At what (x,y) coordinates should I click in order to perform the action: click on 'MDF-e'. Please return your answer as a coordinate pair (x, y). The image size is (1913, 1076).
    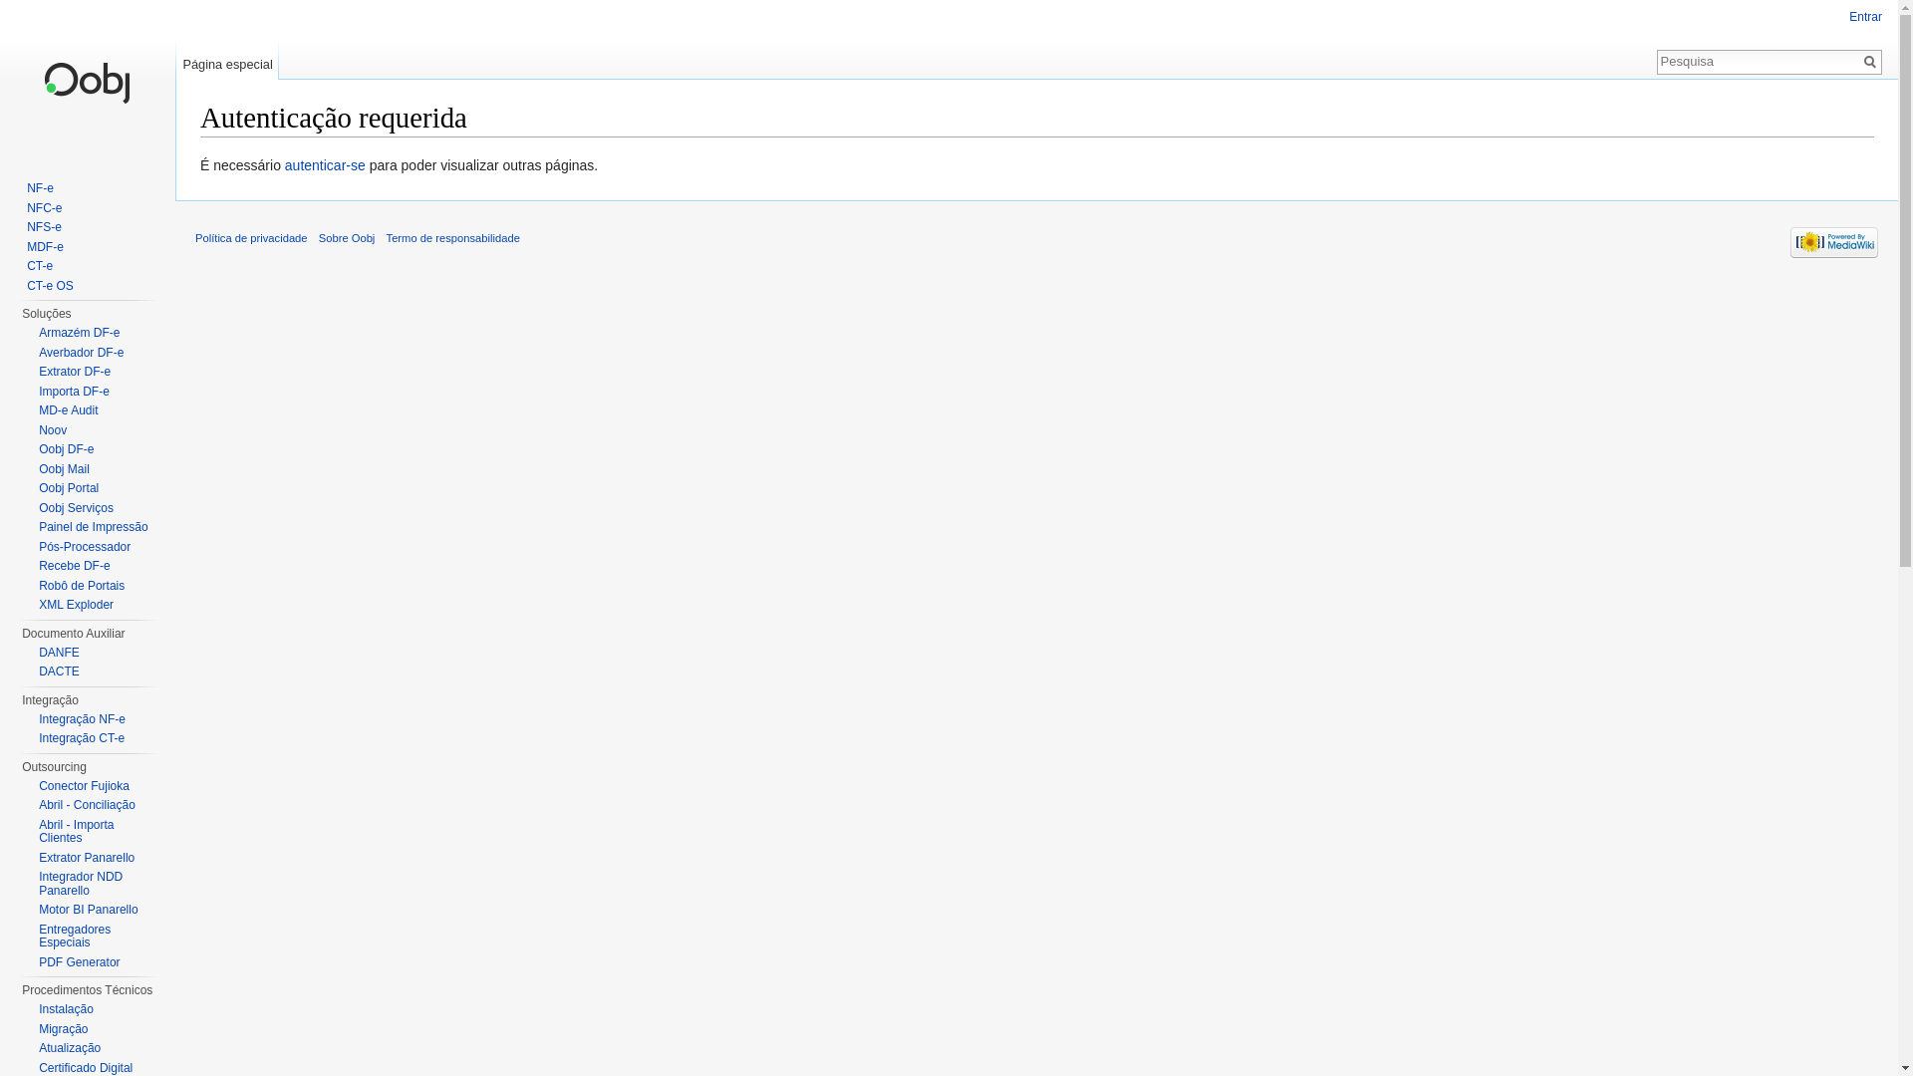
    Looking at the image, I should click on (45, 244).